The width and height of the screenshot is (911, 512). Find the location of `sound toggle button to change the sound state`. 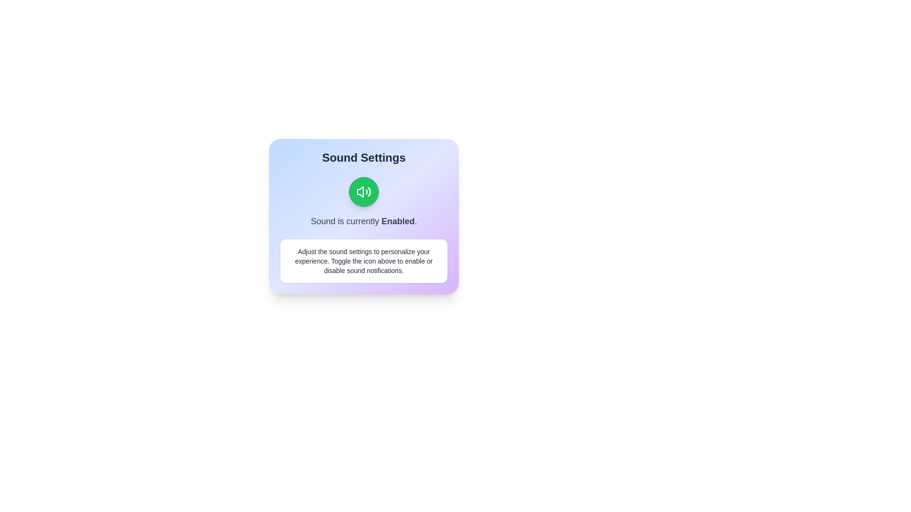

sound toggle button to change the sound state is located at coordinates (363, 192).